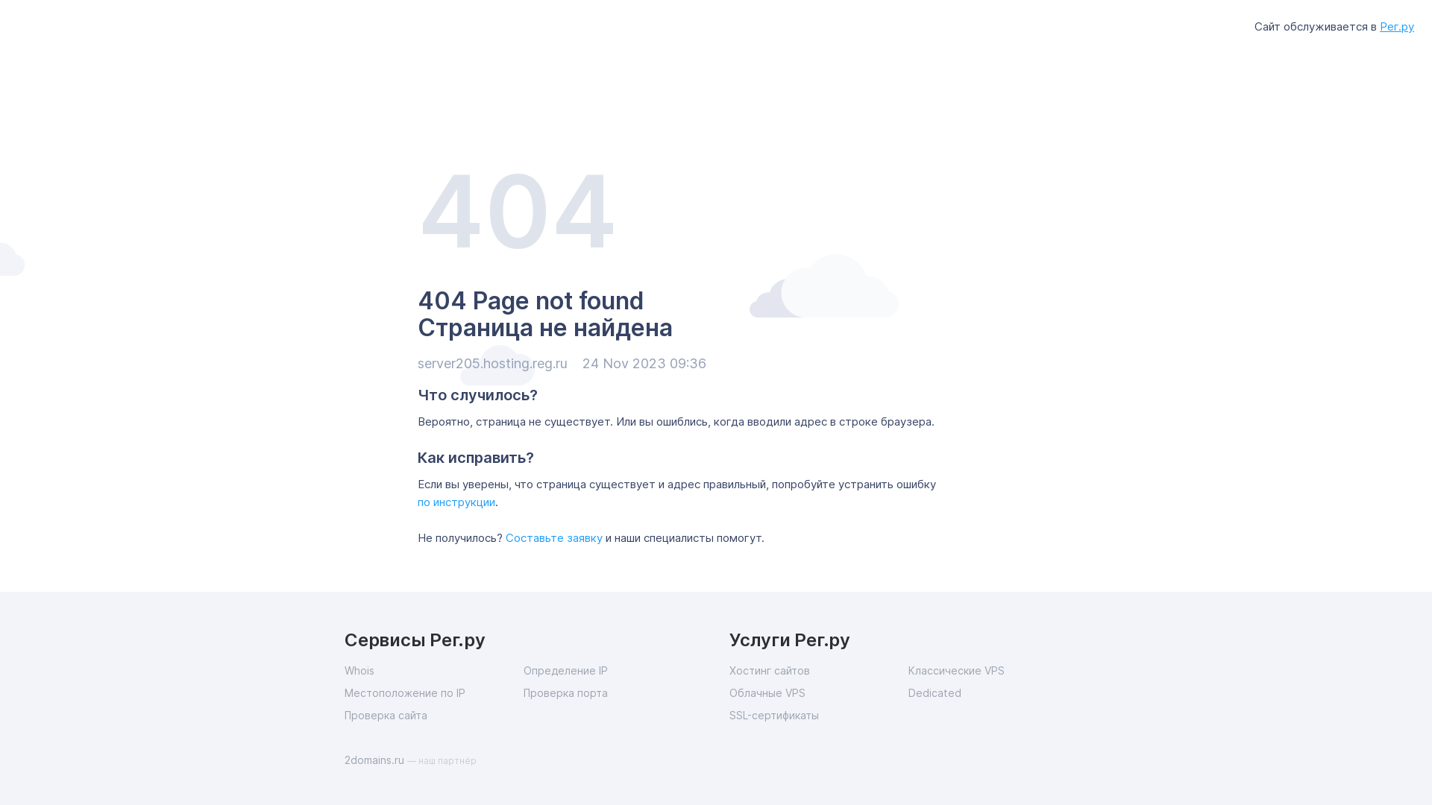 The height and width of the screenshot is (805, 1432). I want to click on 'Dedicated', so click(998, 692).